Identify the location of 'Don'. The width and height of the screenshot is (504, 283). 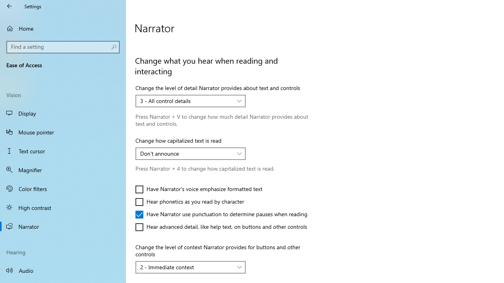
(186, 153).